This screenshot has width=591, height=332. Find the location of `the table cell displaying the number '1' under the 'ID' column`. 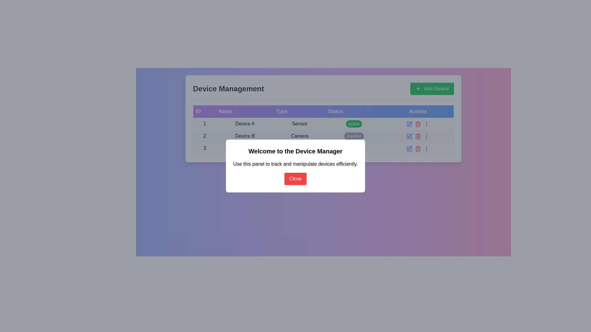

the table cell displaying the number '1' under the 'ID' column is located at coordinates (205, 124).